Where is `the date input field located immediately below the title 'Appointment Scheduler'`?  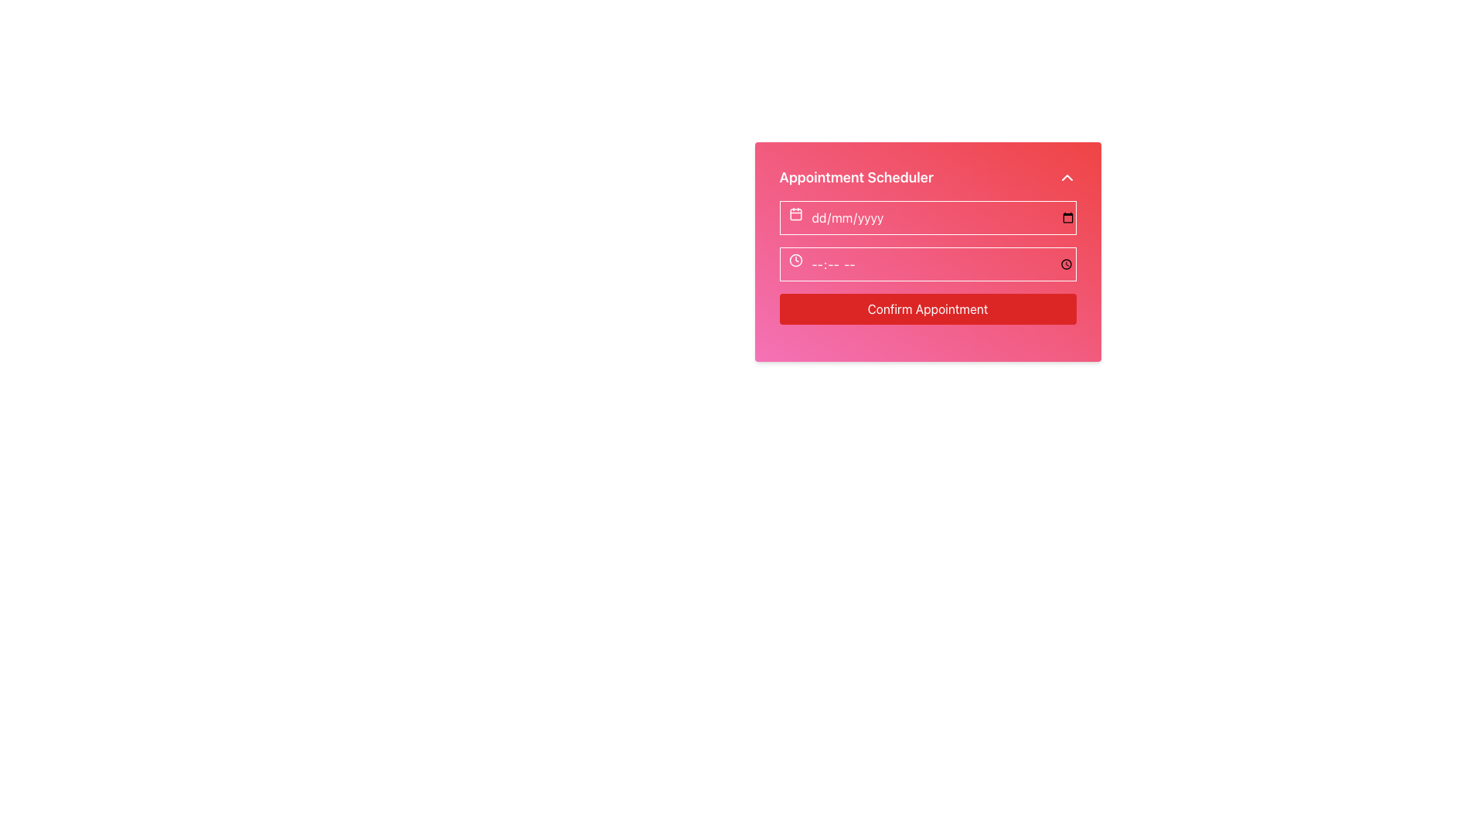
the date input field located immediately below the title 'Appointment Scheduler' is located at coordinates (927, 217).